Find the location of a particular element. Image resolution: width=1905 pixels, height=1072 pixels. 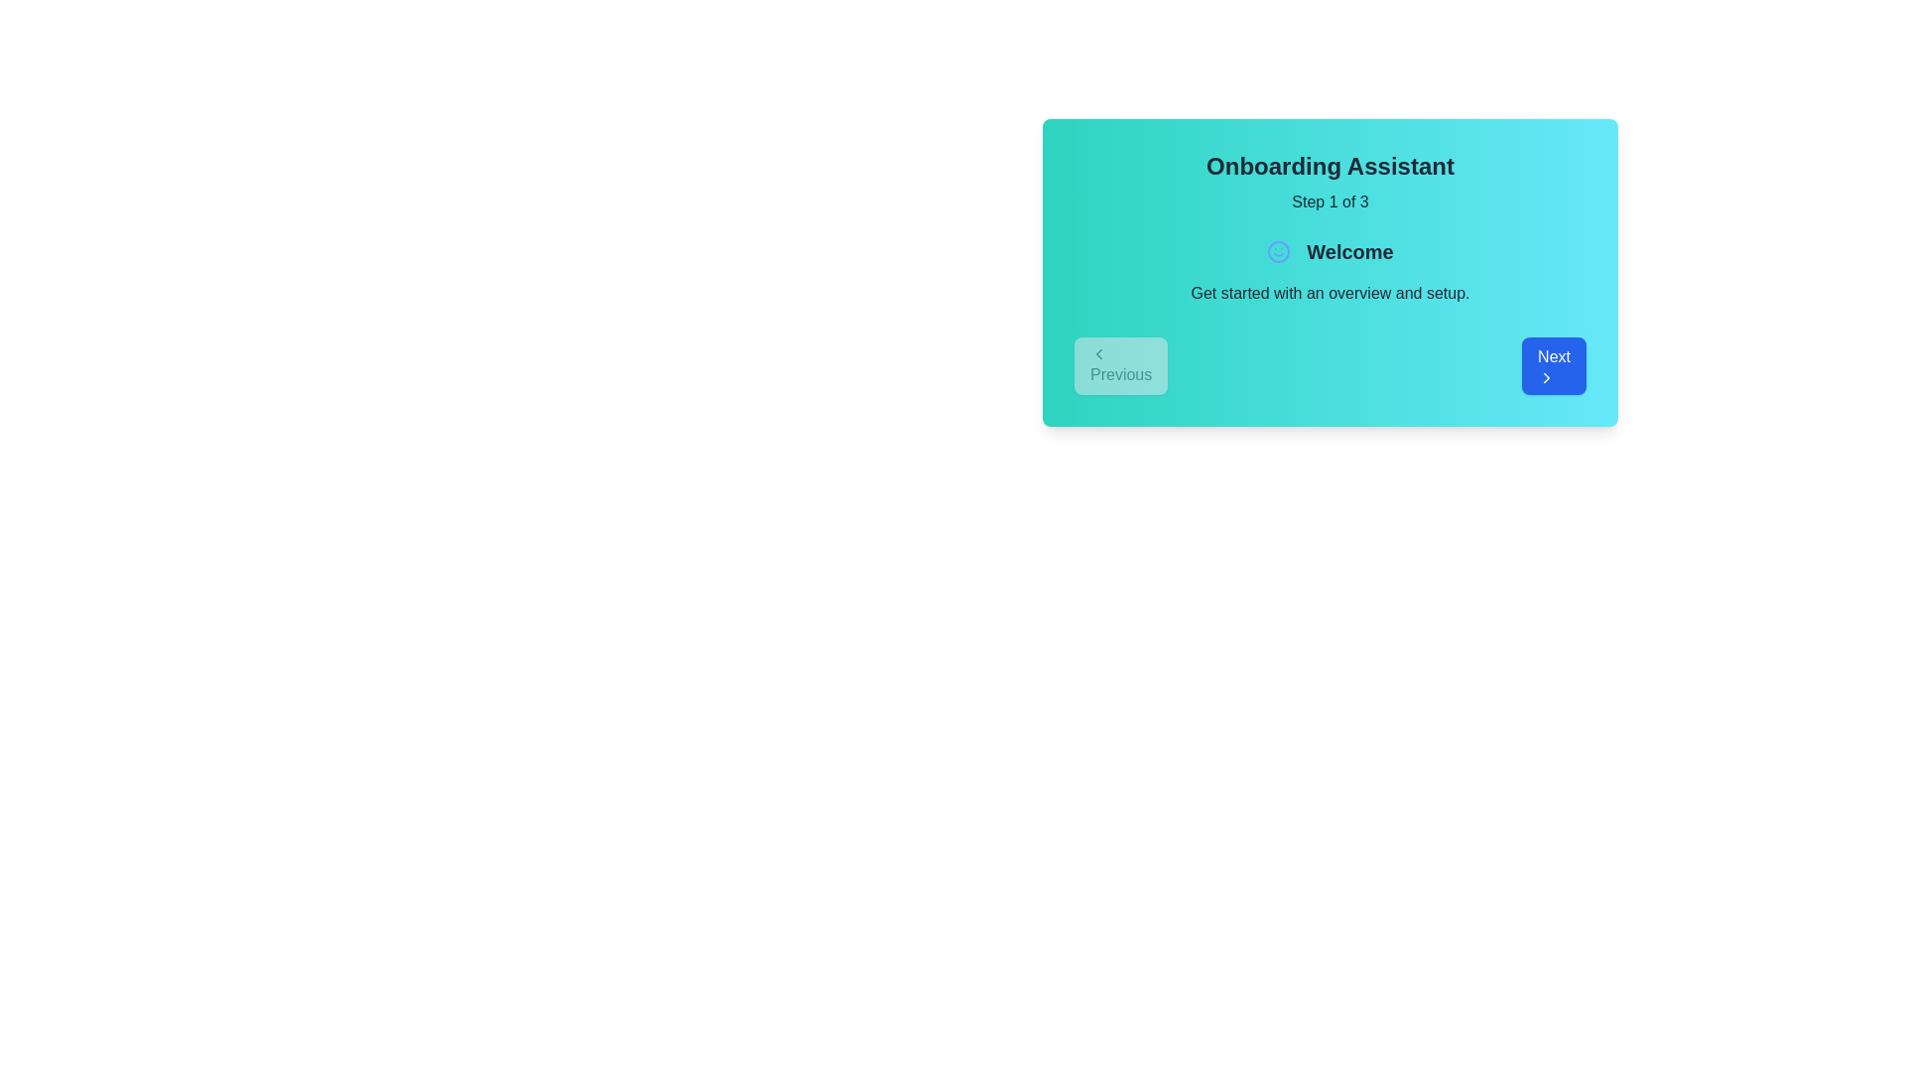

the rectangular button with a blue background labeled 'Next' is located at coordinates (1553, 366).